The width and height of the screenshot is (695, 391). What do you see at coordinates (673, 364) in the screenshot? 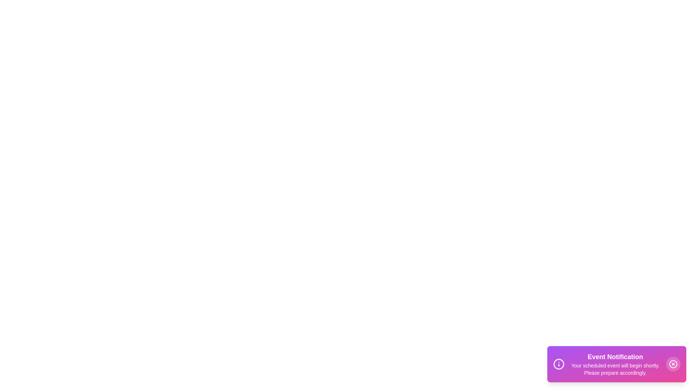
I see `the close button in the snackbar to dismiss it` at bounding box center [673, 364].